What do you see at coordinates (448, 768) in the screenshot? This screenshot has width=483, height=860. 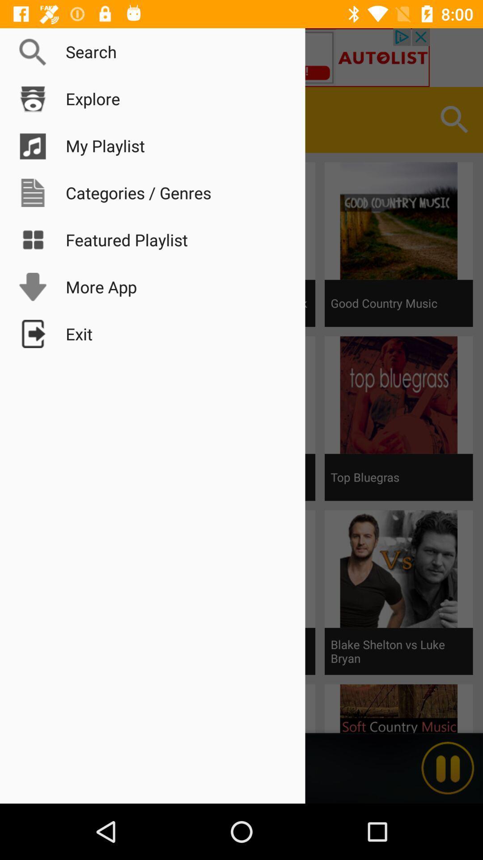 I see `the pause icon` at bounding box center [448, 768].